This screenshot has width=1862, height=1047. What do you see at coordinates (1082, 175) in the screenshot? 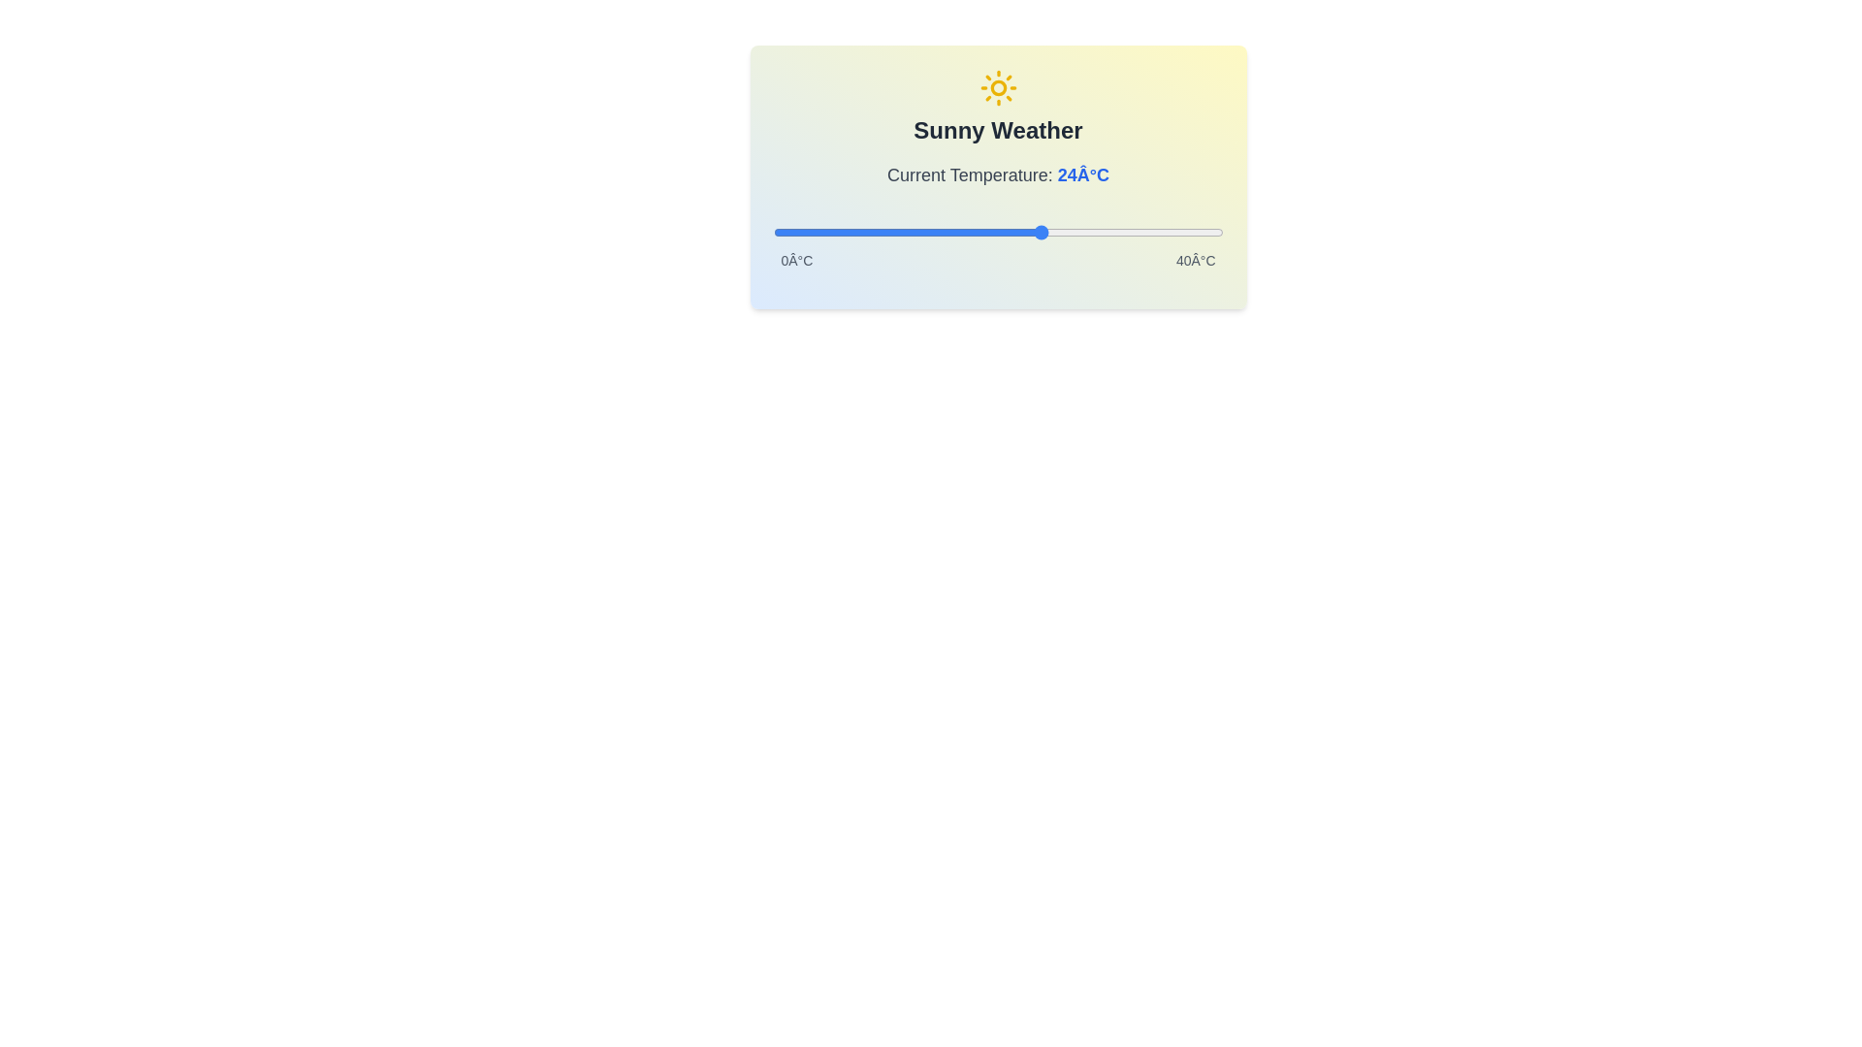
I see `text value displayed in the temperature label, which is positioned immediately to the right of 'Current Temperature:' in the weather information card` at bounding box center [1082, 175].